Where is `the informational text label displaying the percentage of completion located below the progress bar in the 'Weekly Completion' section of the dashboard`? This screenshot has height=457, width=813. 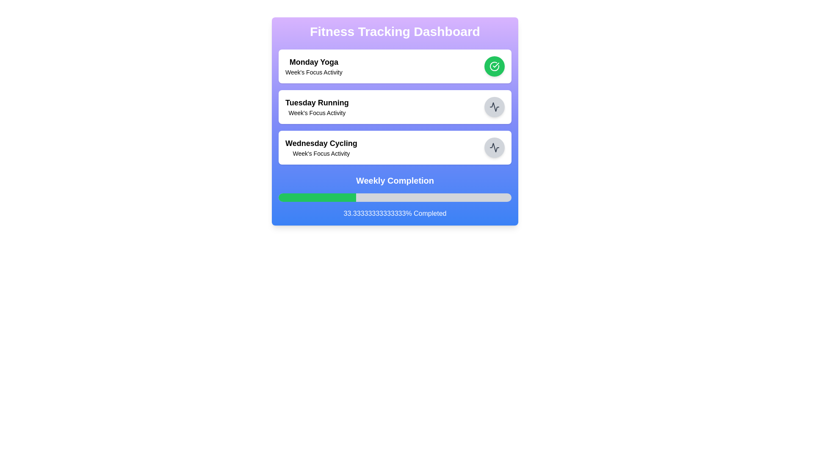 the informational text label displaying the percentage of completion located below the progress bar in the 'Weekly Completion' section of the dashboard is located at coordinates (394, 213).